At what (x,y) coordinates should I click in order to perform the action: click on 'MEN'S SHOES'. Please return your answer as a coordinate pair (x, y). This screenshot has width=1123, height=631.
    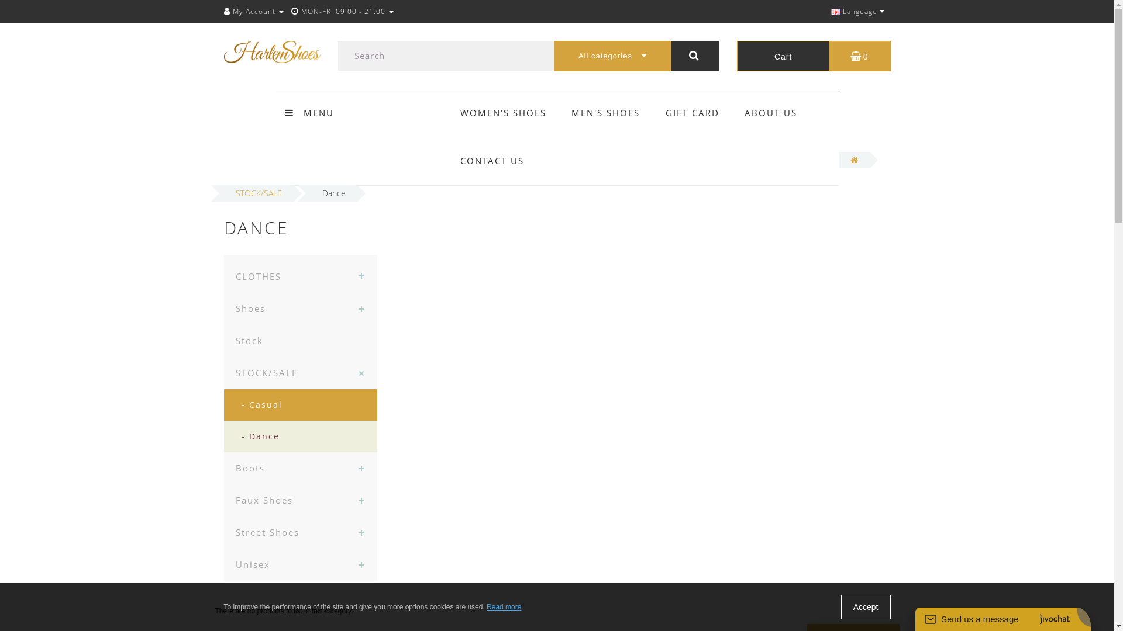
    Looking at the image, I should click on (571, 112).